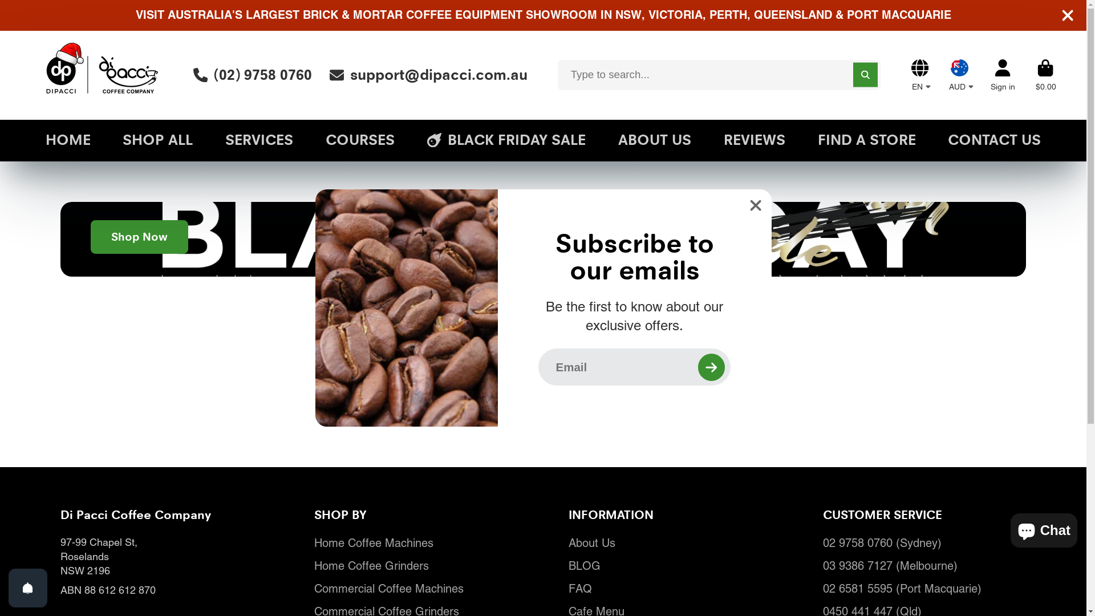 This screenshot has width=1095, height=616. I want to click on '02 9758 0760 (Sydney)', so click(924, 542).